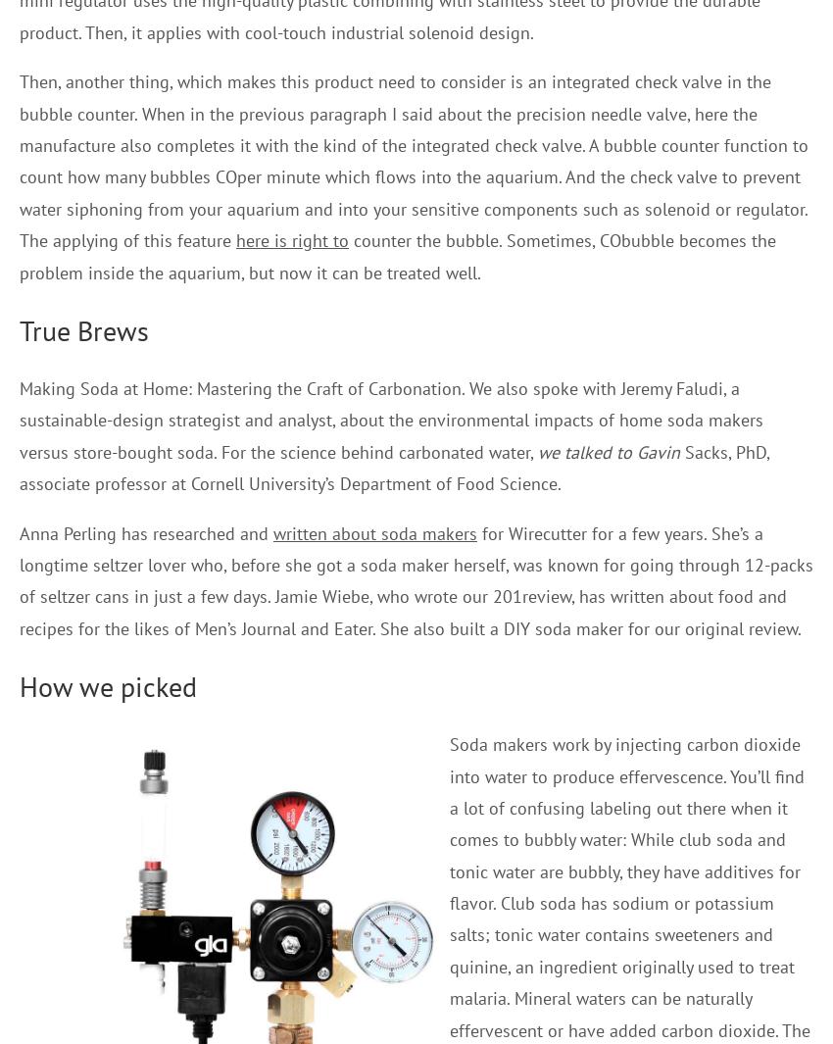 The height and width of the screenshot is (1044, 833). Describe the element at coordinates (391, 419) in the screenshot. I see `'Making Soda at Home: Mastering the Craft of Carbonation. We also spoke with Jeremy Faludi, a sustainable-design strategist and analyst, about the environmental impacts of home soda makers versus store-bought soda. For the science behind carbonated water,'` at that location.